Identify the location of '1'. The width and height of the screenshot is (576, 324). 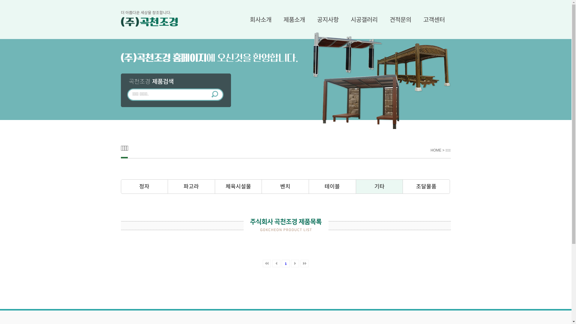
(285, 263).